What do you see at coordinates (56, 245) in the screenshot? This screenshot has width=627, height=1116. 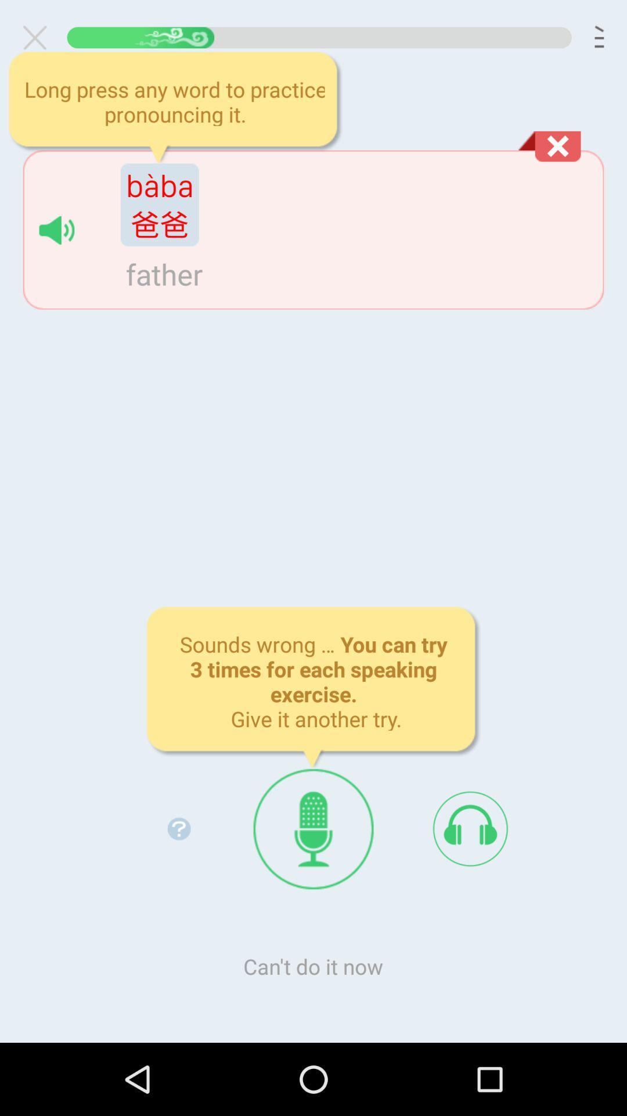 I see `the volume icon` at bounding box center [56, 245].